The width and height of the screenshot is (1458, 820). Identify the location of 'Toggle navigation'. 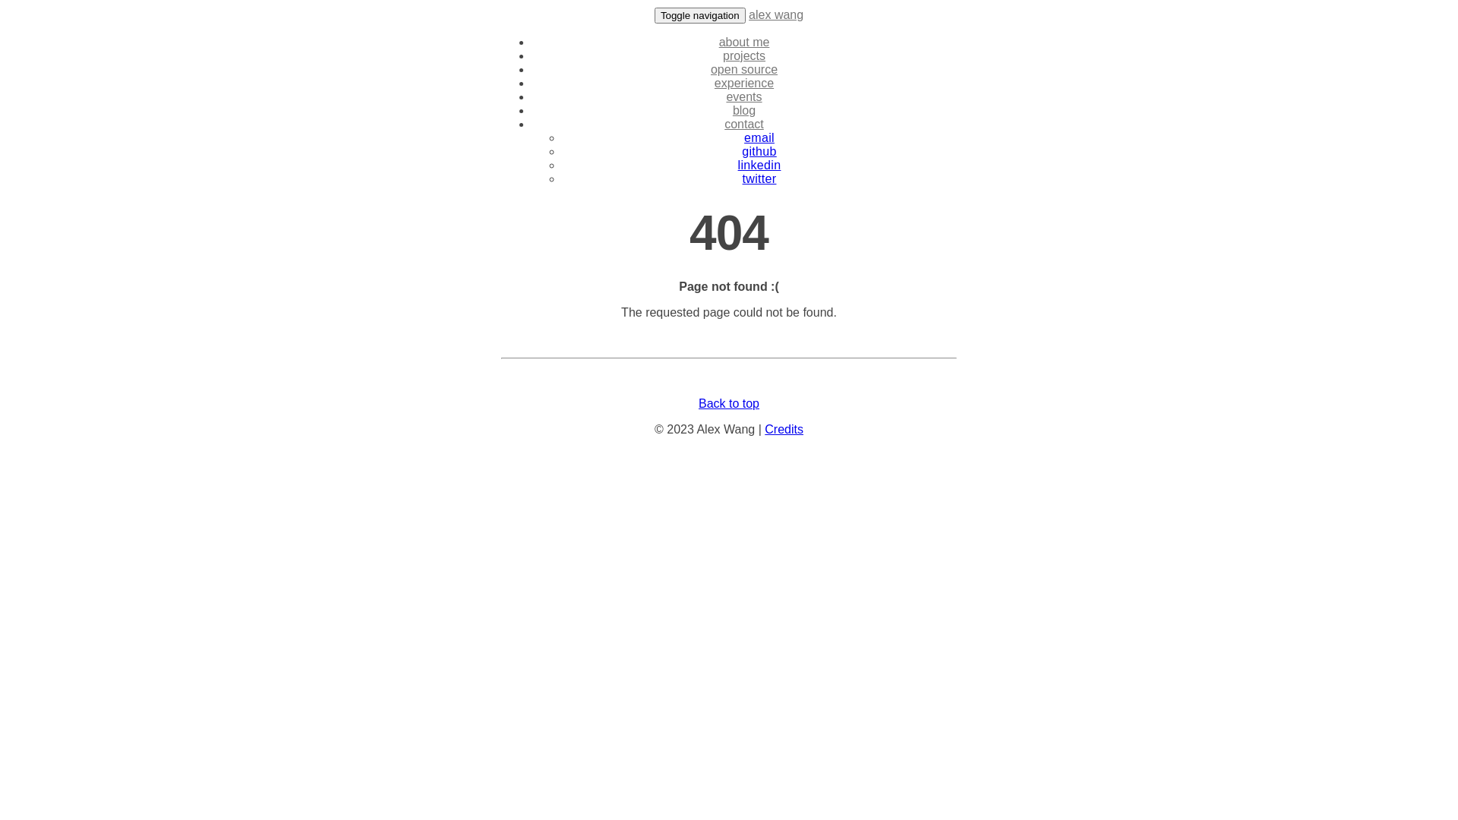
(655, 15).